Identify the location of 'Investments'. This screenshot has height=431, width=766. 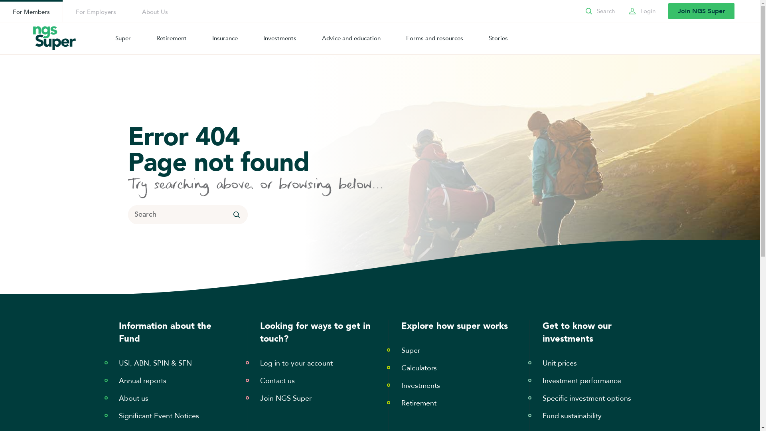
(420, 385).